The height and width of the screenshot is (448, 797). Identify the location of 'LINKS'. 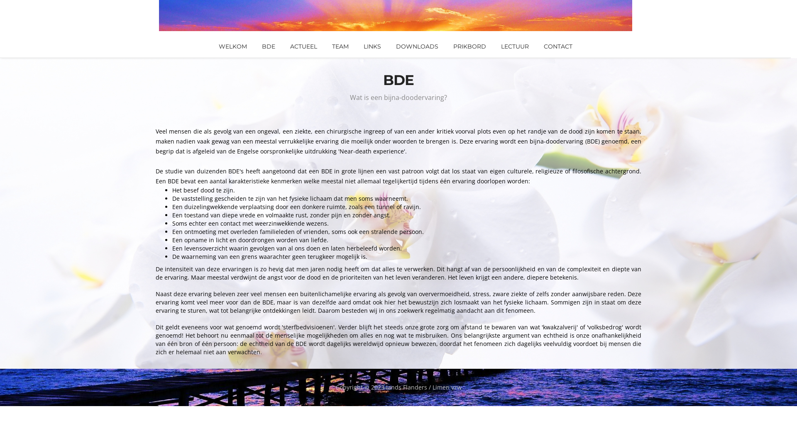
(372, 46).